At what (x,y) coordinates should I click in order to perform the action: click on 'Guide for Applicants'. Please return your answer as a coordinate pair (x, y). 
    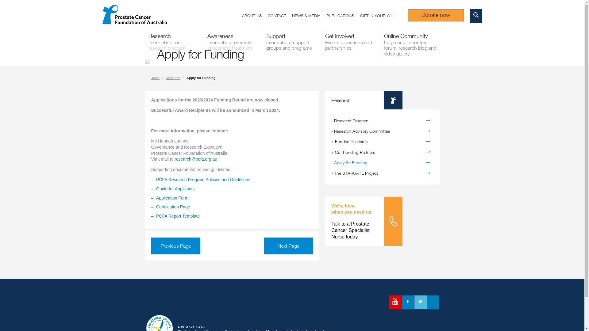
    Looking at the image, I should click on (175, 188).